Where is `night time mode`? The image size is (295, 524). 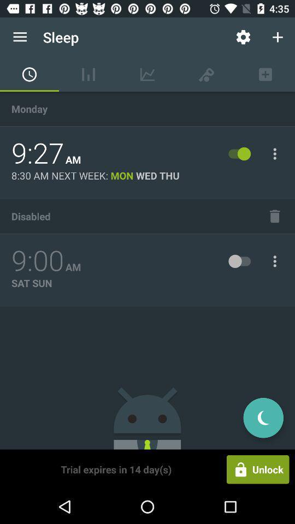
night time mode is located at coordinates (263, 417).